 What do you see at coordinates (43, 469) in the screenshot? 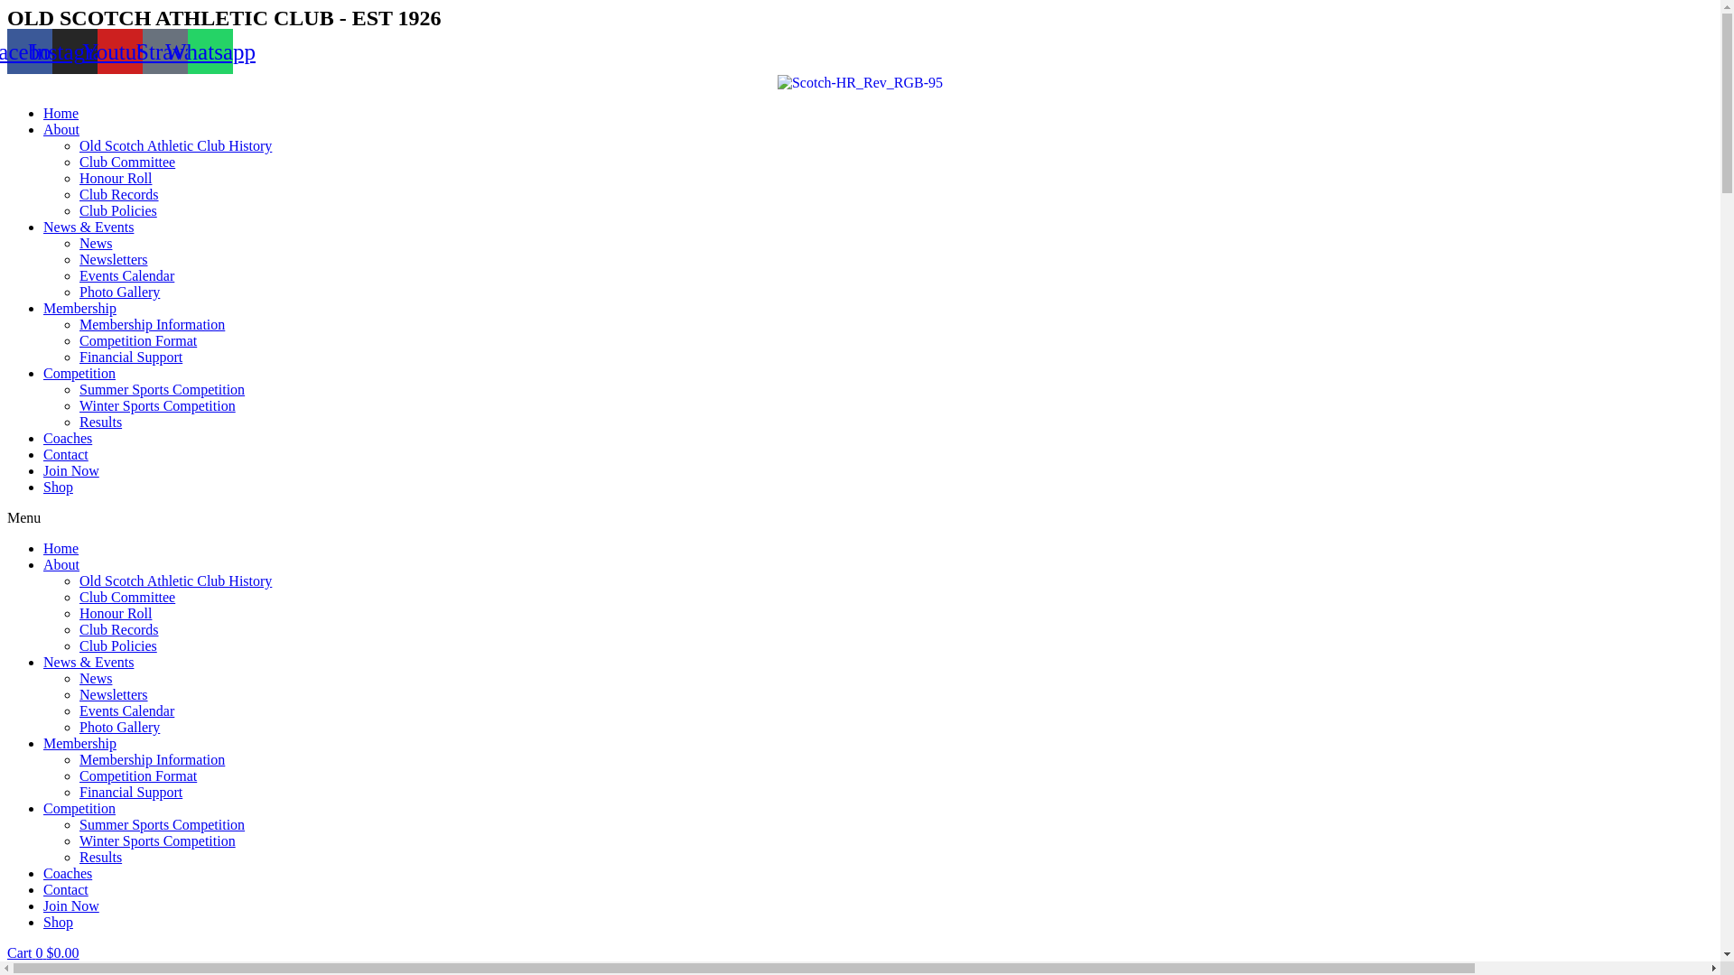
I see `'Join Now'` at bounding box center [43, 469].